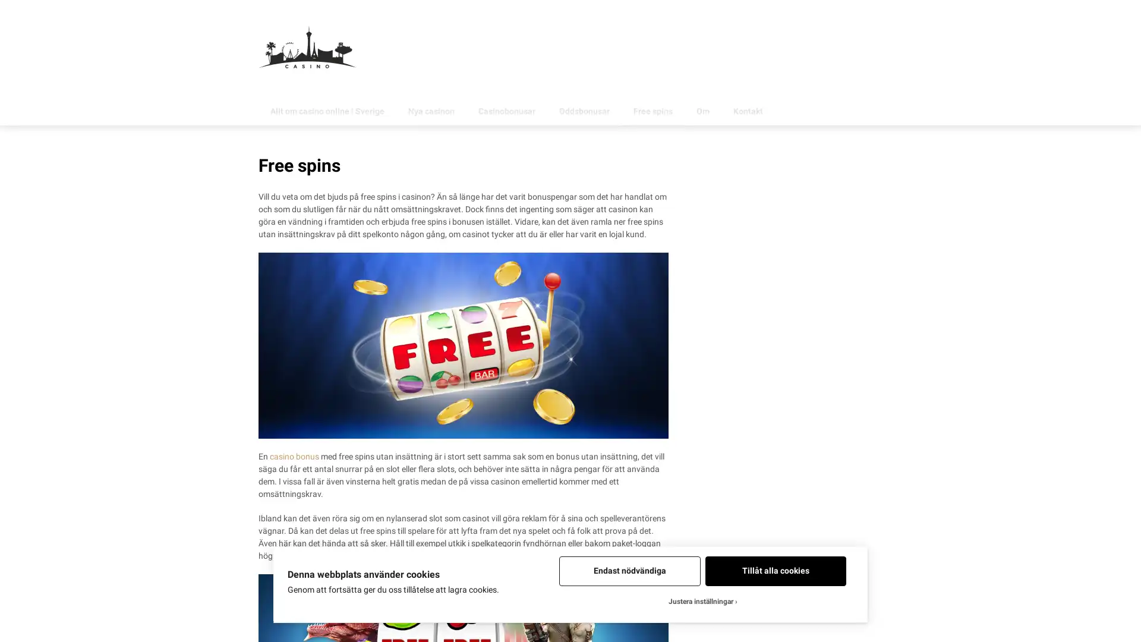 The image size is (1141, 642). What do you see at coordinates (629, 570) in the screenshot?
I see `Endast nodvandiga` at bounding box center [629, 570].